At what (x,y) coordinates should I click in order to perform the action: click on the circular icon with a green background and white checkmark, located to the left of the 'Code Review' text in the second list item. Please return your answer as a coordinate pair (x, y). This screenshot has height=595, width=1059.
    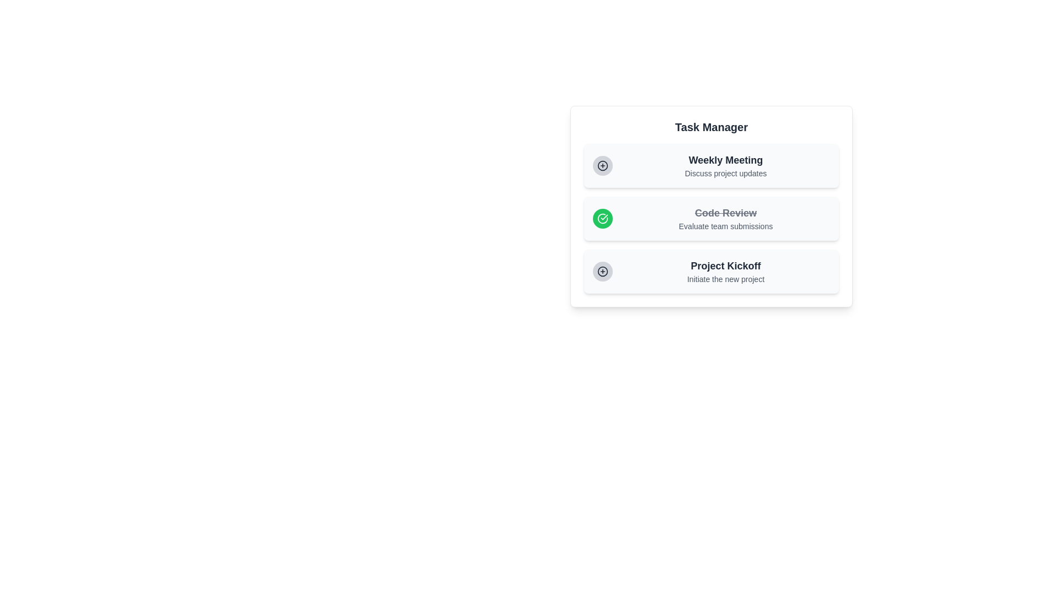
    Looking at the image, I should click on (602, 219).